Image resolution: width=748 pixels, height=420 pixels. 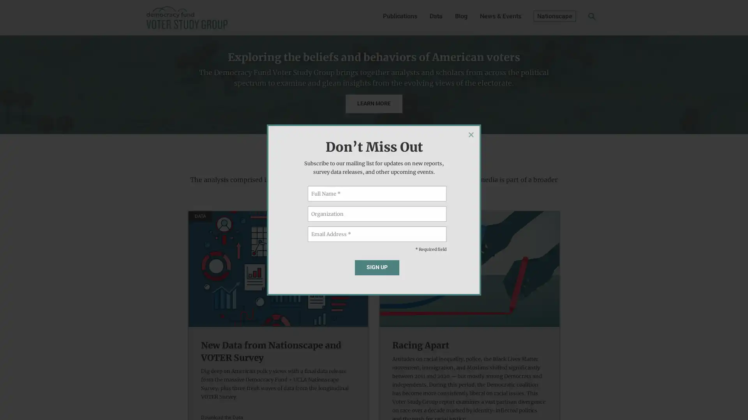 What do you see at coordinates (580, 18) in the screenshot?
I see `SEARCH` at bounding box center [580, 18].